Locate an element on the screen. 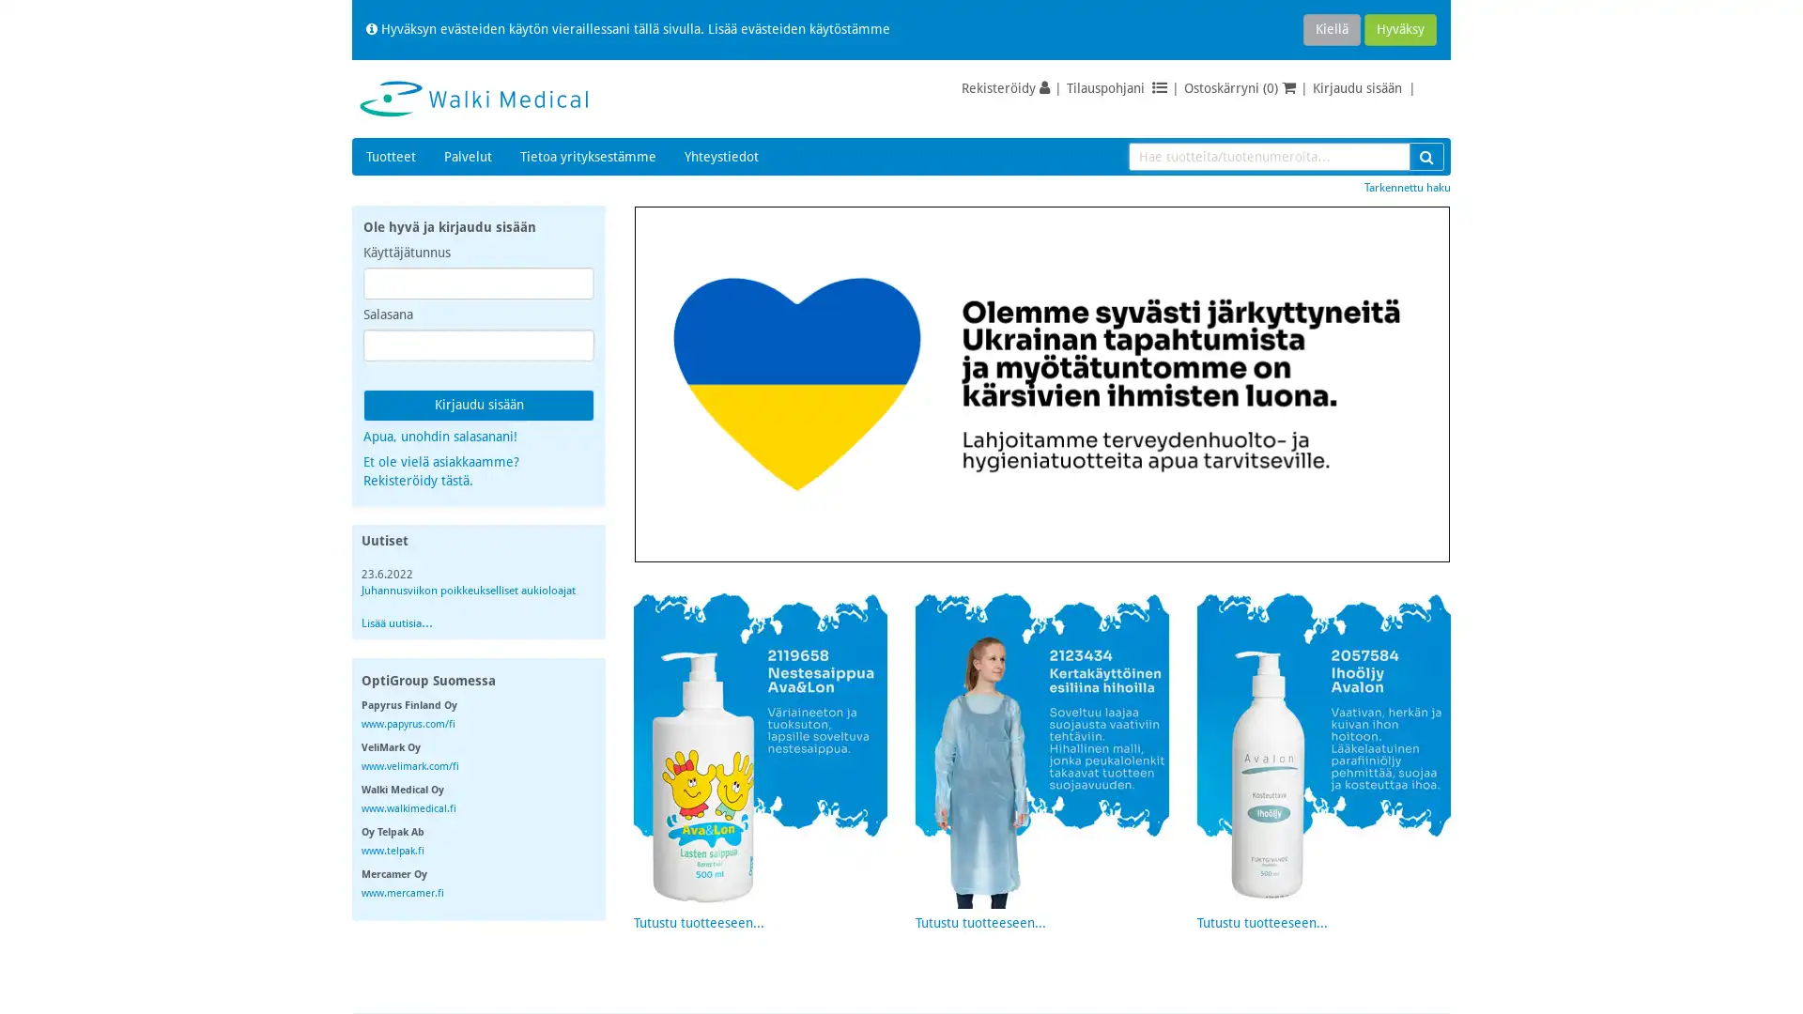 The image size is (1803, 1014). Hyvaksy is located at coordinates (1400, 29).